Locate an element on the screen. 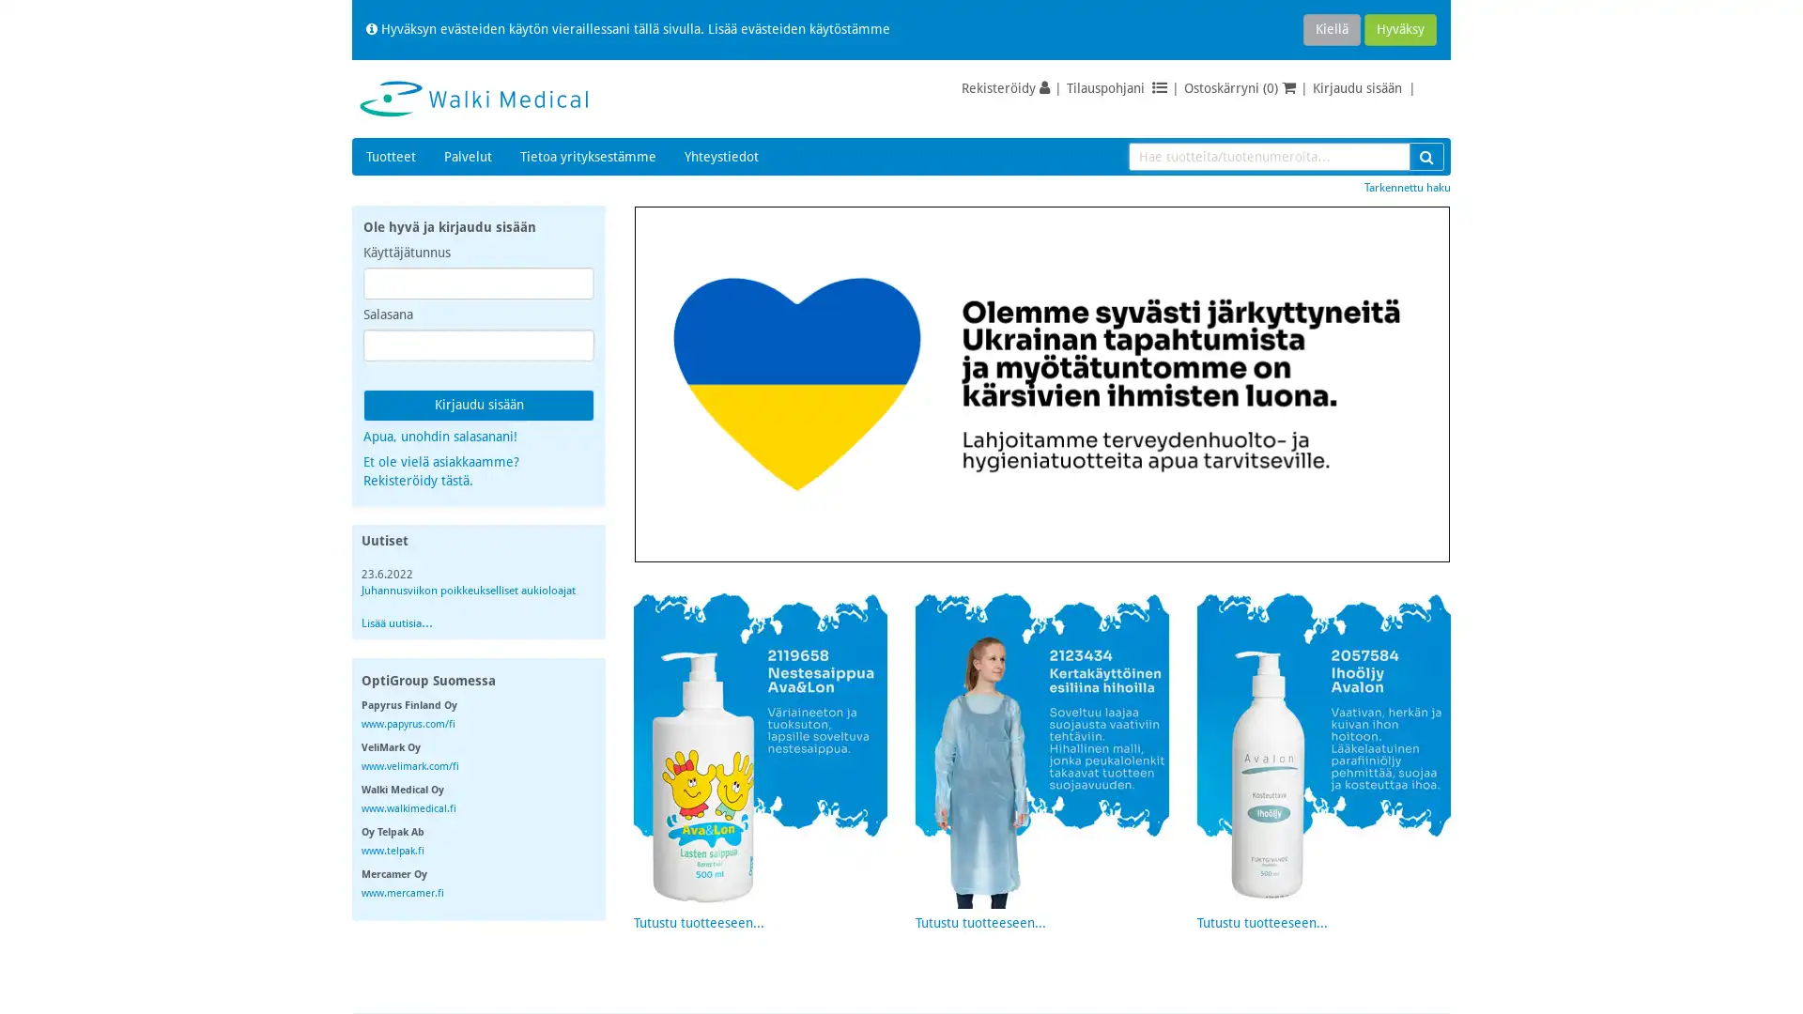 The image size is (1803, 1014). Hyvaksy is located at coordinates (1400, 29).